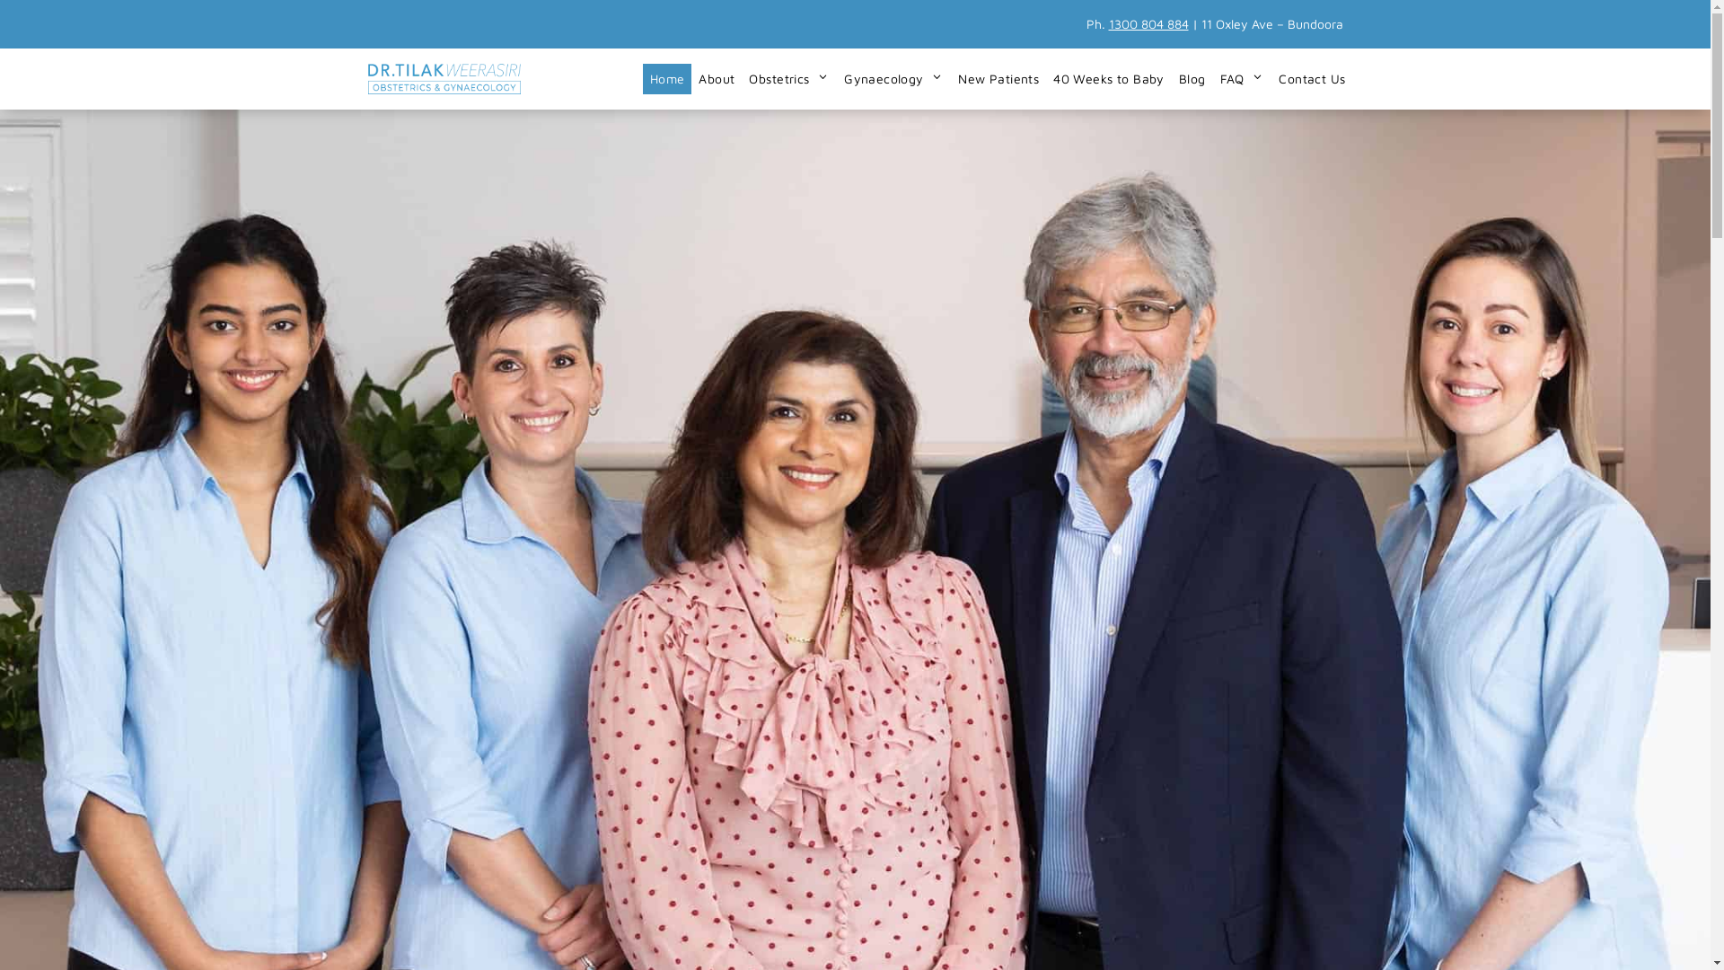  I want to click on 'Contact Us', so click(1311, 77).